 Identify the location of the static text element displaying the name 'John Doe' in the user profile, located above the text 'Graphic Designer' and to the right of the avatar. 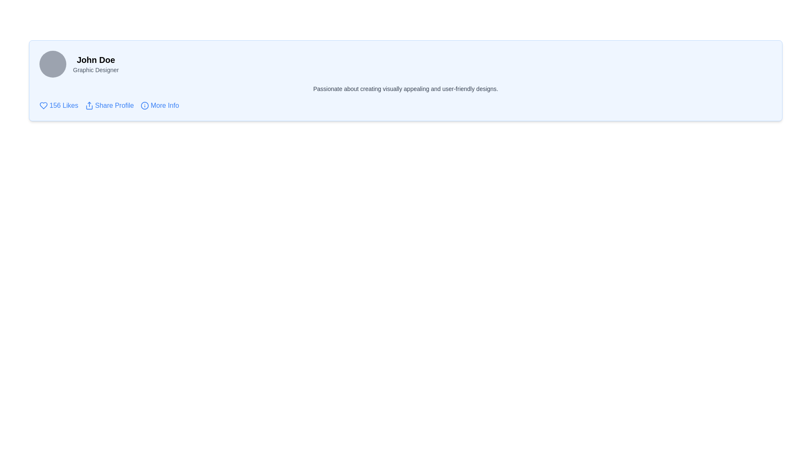
(96, 59).